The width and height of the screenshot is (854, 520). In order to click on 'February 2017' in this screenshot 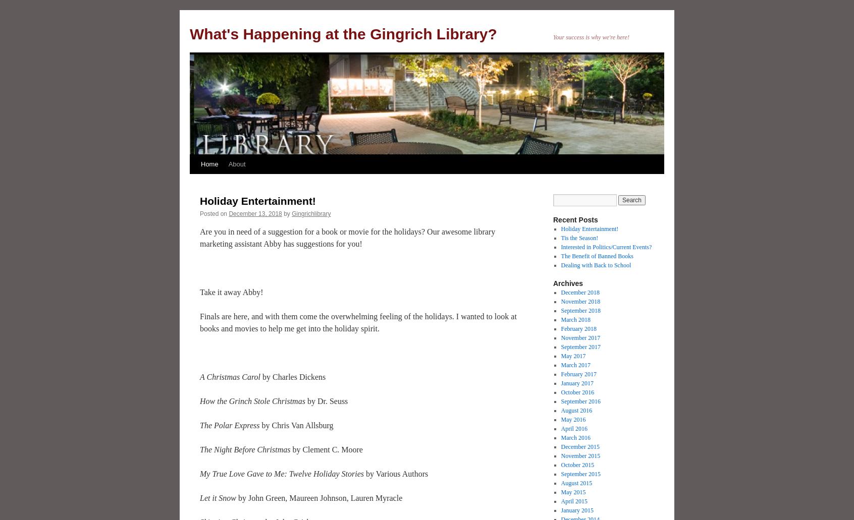, I will do `click(560, 374)`.